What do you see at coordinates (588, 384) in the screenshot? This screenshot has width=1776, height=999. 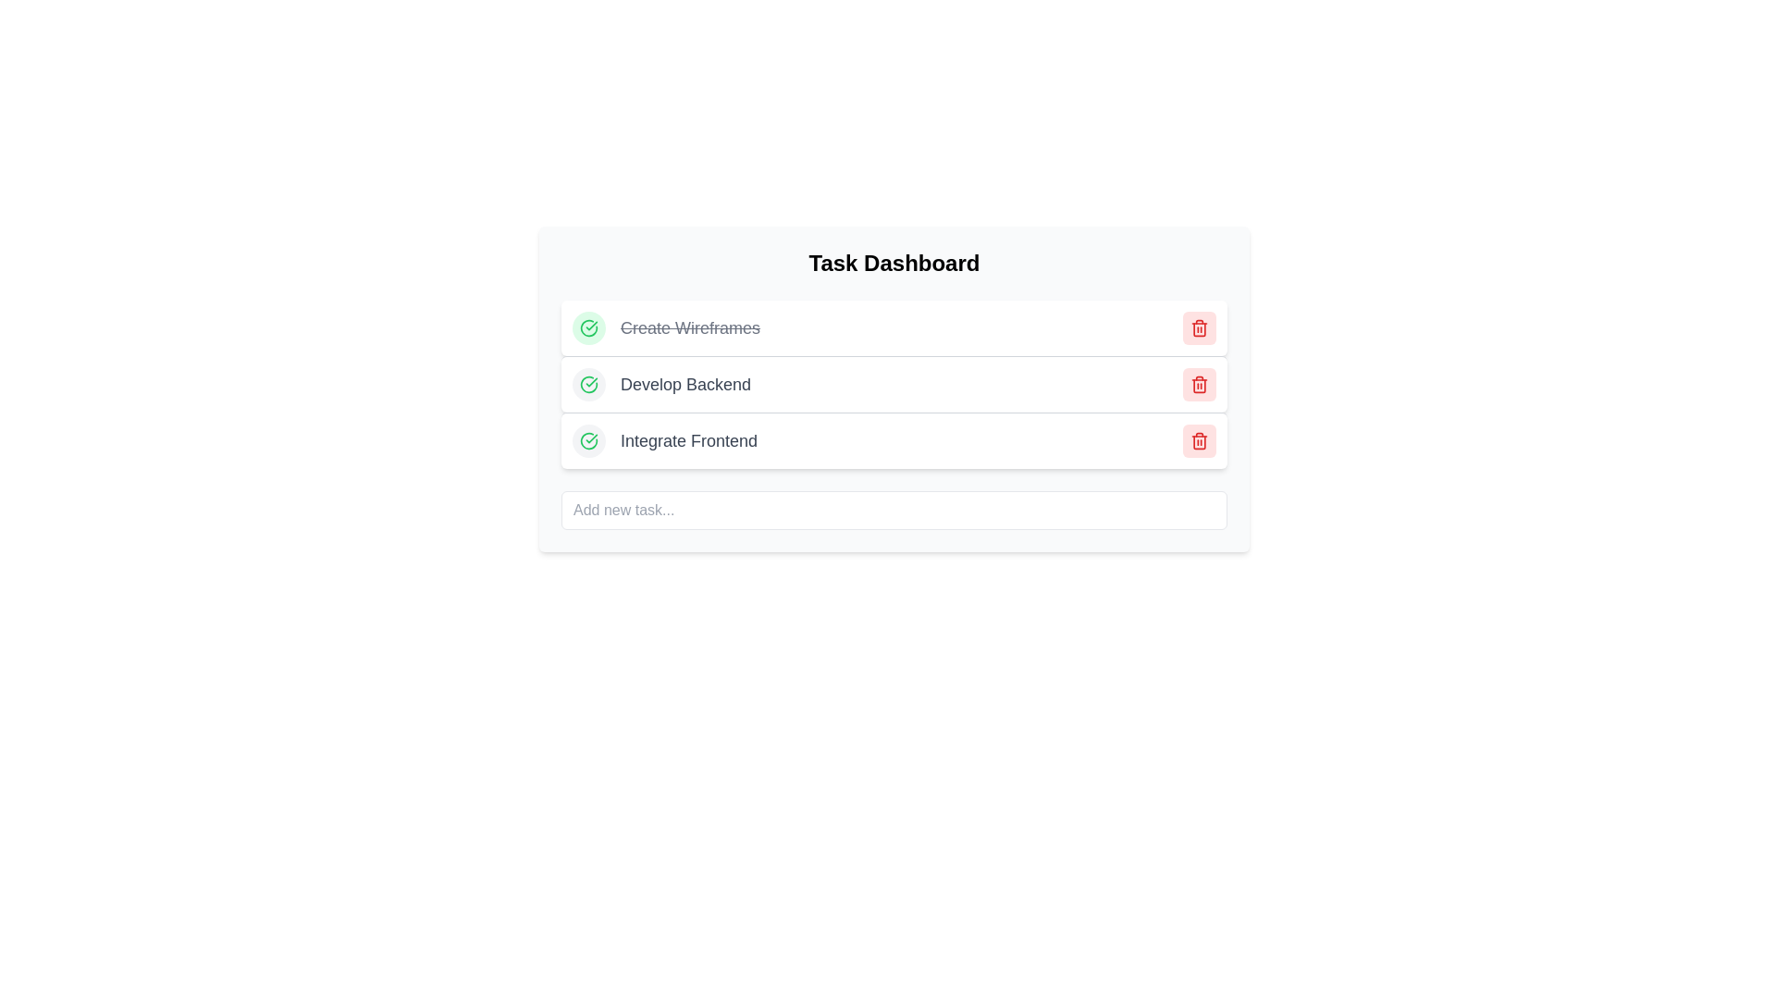 I see `the circular button with a light gray background and a green check icon` at bounding box center [588, 384].